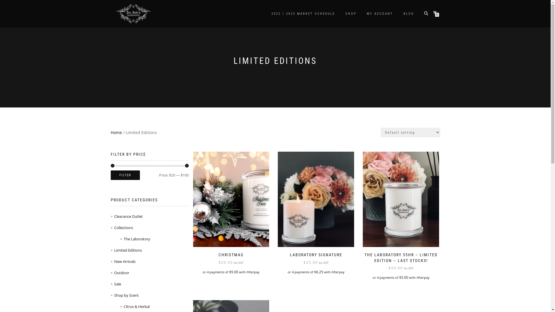 This screenshot has height=312, width=555. Describe the element at coordinates (126, 295) in the screenshot. I see `'Shop by Scent'` at that location.